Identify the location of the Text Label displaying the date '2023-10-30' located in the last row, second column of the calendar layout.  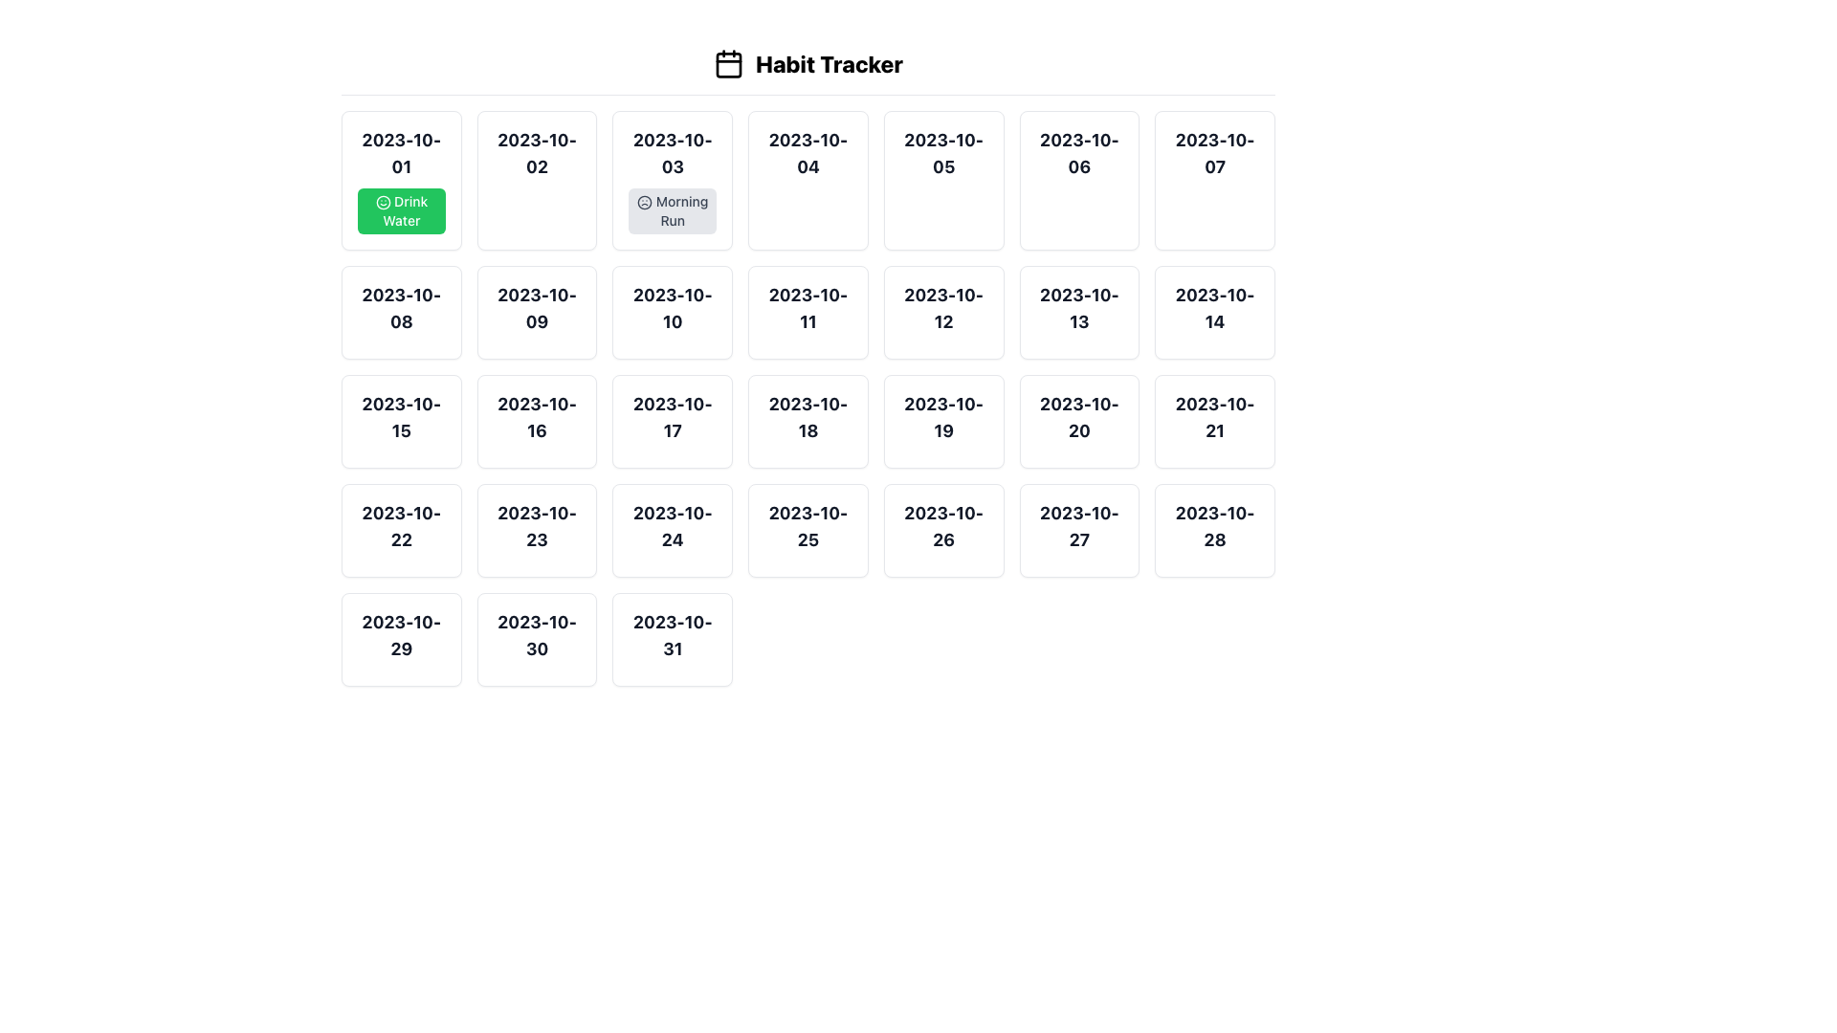
(536, 635).